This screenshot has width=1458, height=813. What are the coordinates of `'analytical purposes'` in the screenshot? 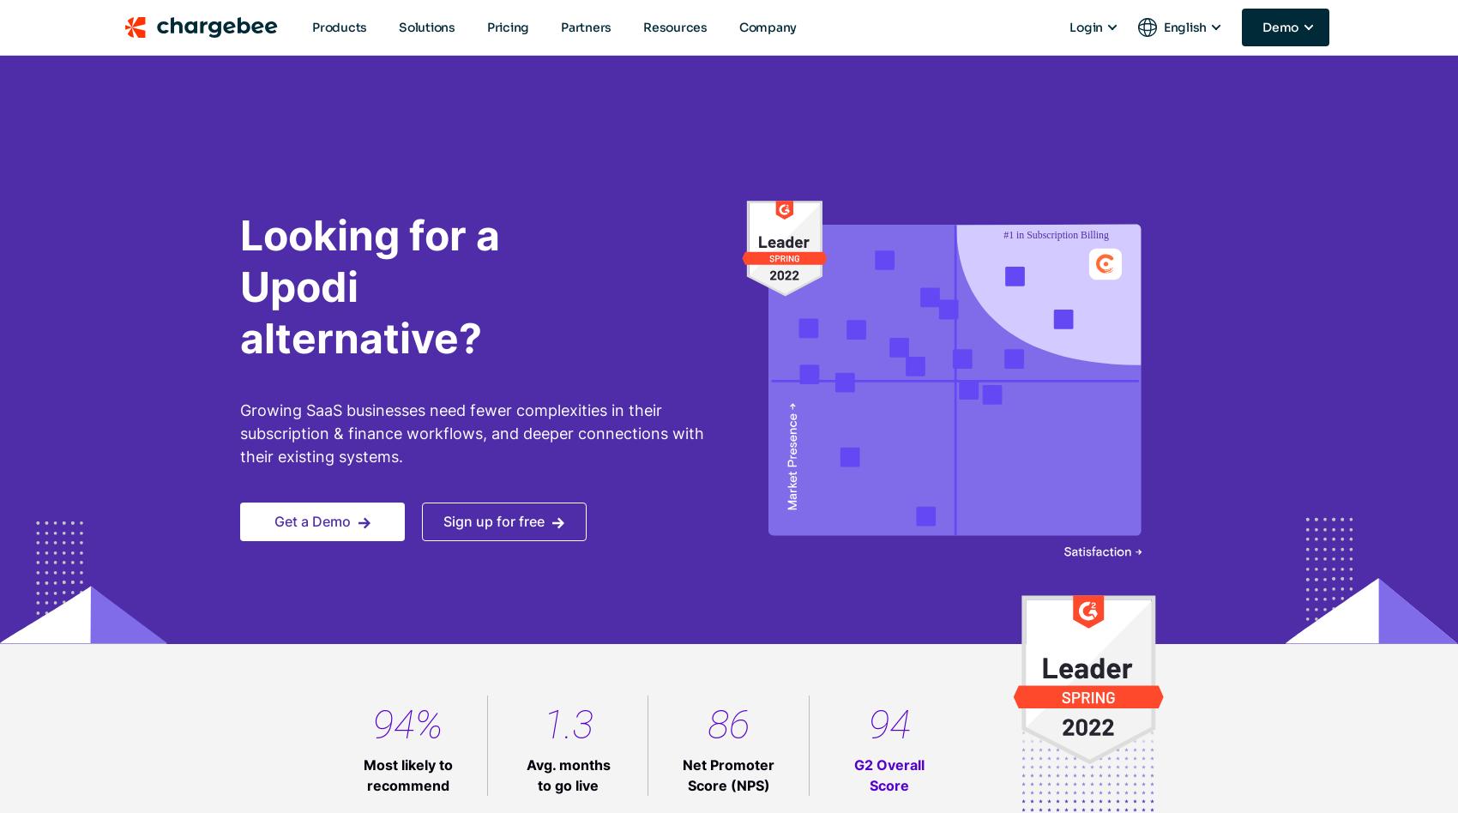 It's located at (596, 295).